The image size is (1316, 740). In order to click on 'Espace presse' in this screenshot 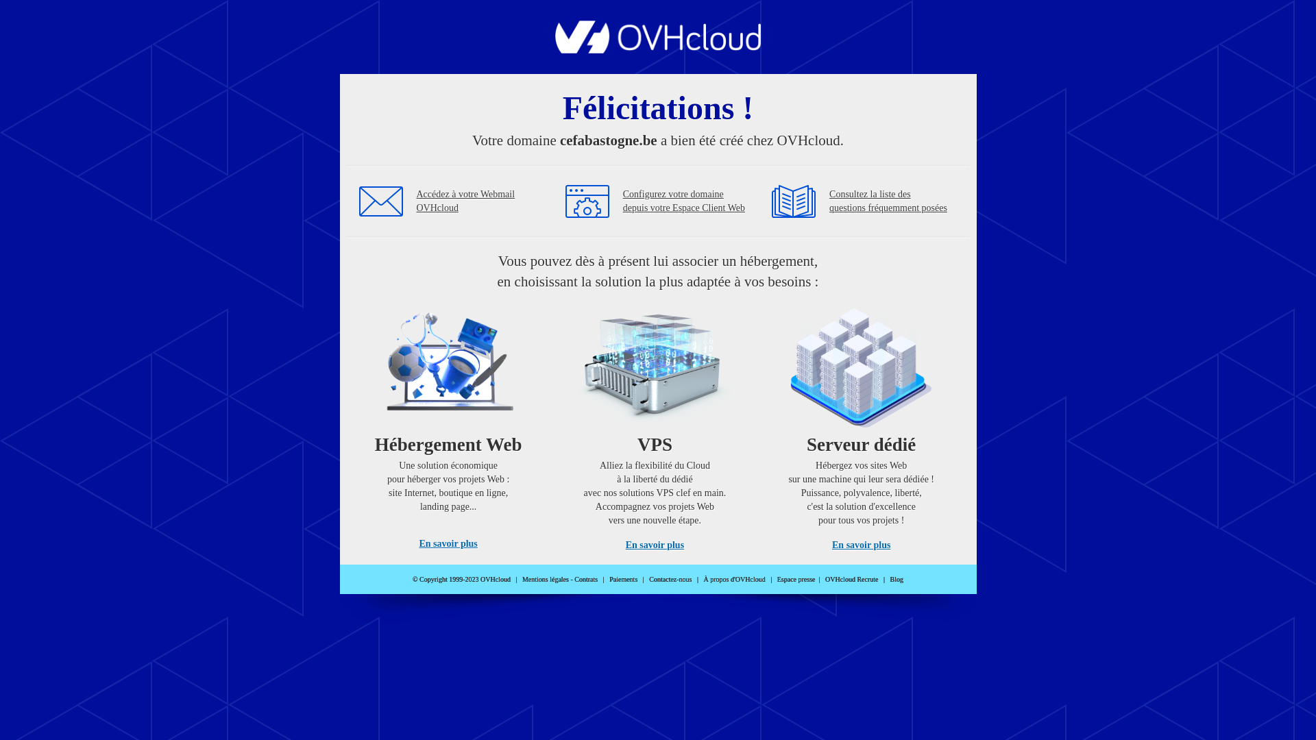, I will do `click(796, 579)`.